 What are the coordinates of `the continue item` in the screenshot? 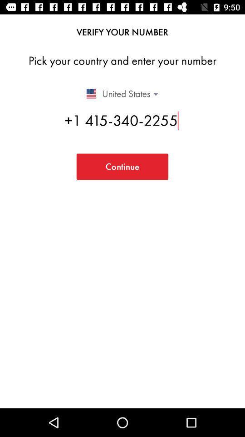 It's located at (122, 166).